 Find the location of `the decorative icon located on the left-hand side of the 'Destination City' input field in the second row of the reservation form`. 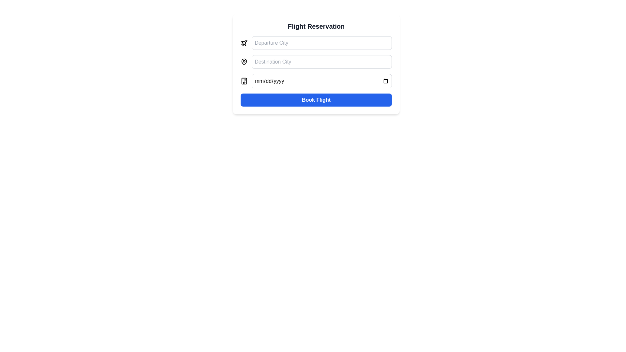

the decorative icon located on the left-hand side of the 'Destination City' input field in the second row of the reservation form is located at coordinates (244, 62).